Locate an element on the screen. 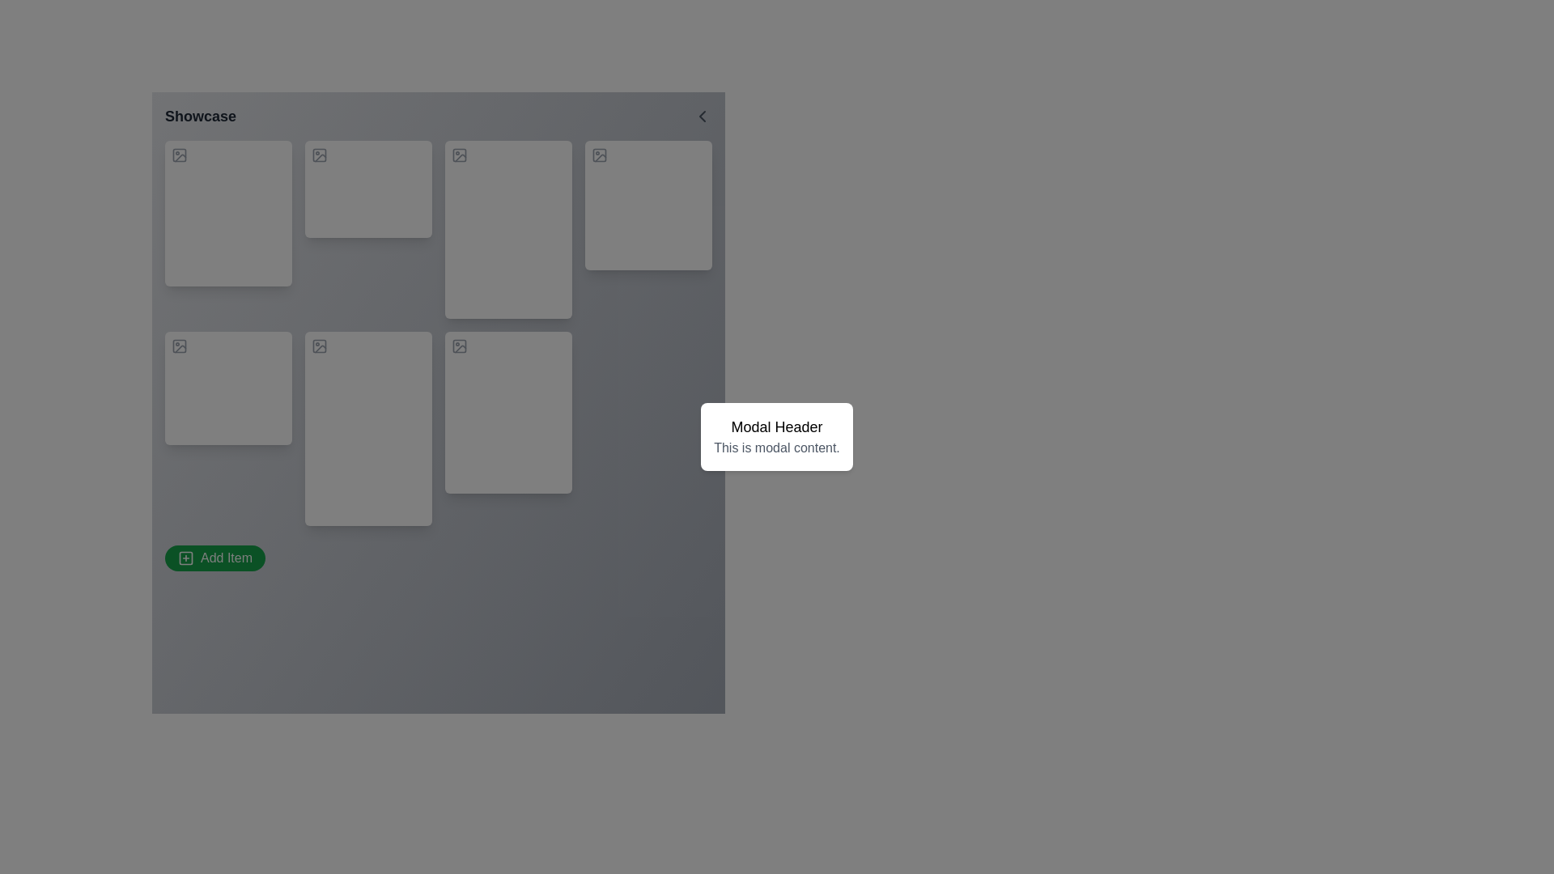  the SVG icon resembling an image placeholder, which has a light gray color and is located in the top-left corner of the card in the second row, left column of the 'Showcase' section is located at coordinates (319, 346).